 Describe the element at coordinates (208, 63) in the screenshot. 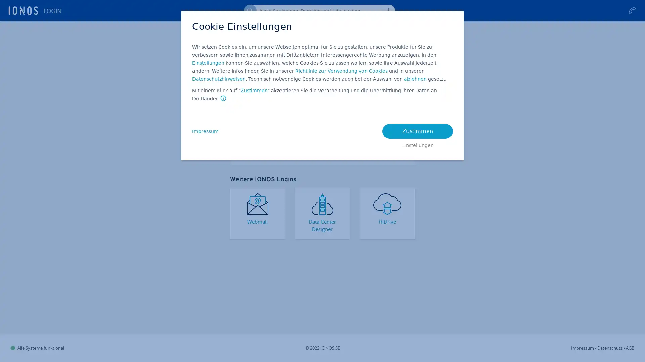

I see `Einstellungen` at that location.